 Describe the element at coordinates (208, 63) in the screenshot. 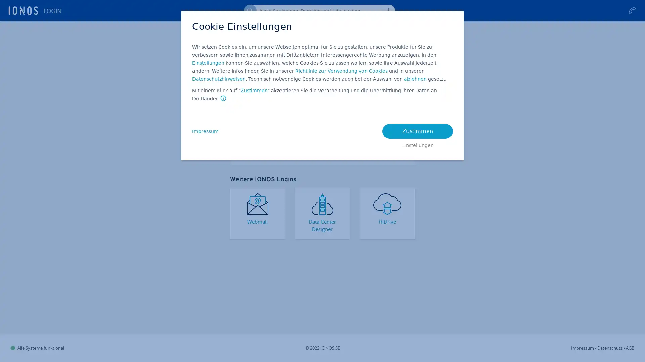

I see `Einstellungen` at that location.